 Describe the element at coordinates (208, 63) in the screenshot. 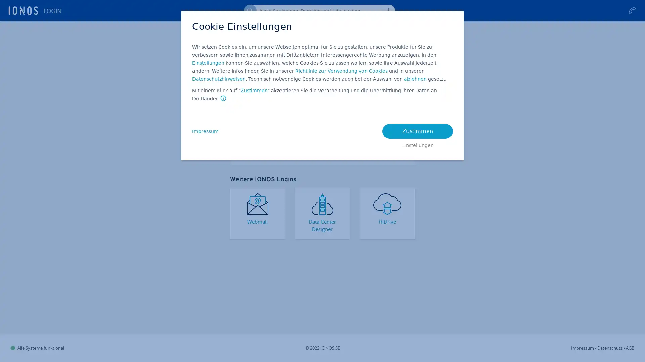

I see `Einstellungen` at that location.